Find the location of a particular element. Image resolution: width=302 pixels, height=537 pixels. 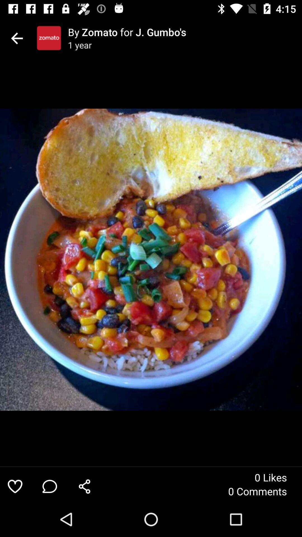

the icon to the left of the by zomato for item is located at coordinates (49, 38).